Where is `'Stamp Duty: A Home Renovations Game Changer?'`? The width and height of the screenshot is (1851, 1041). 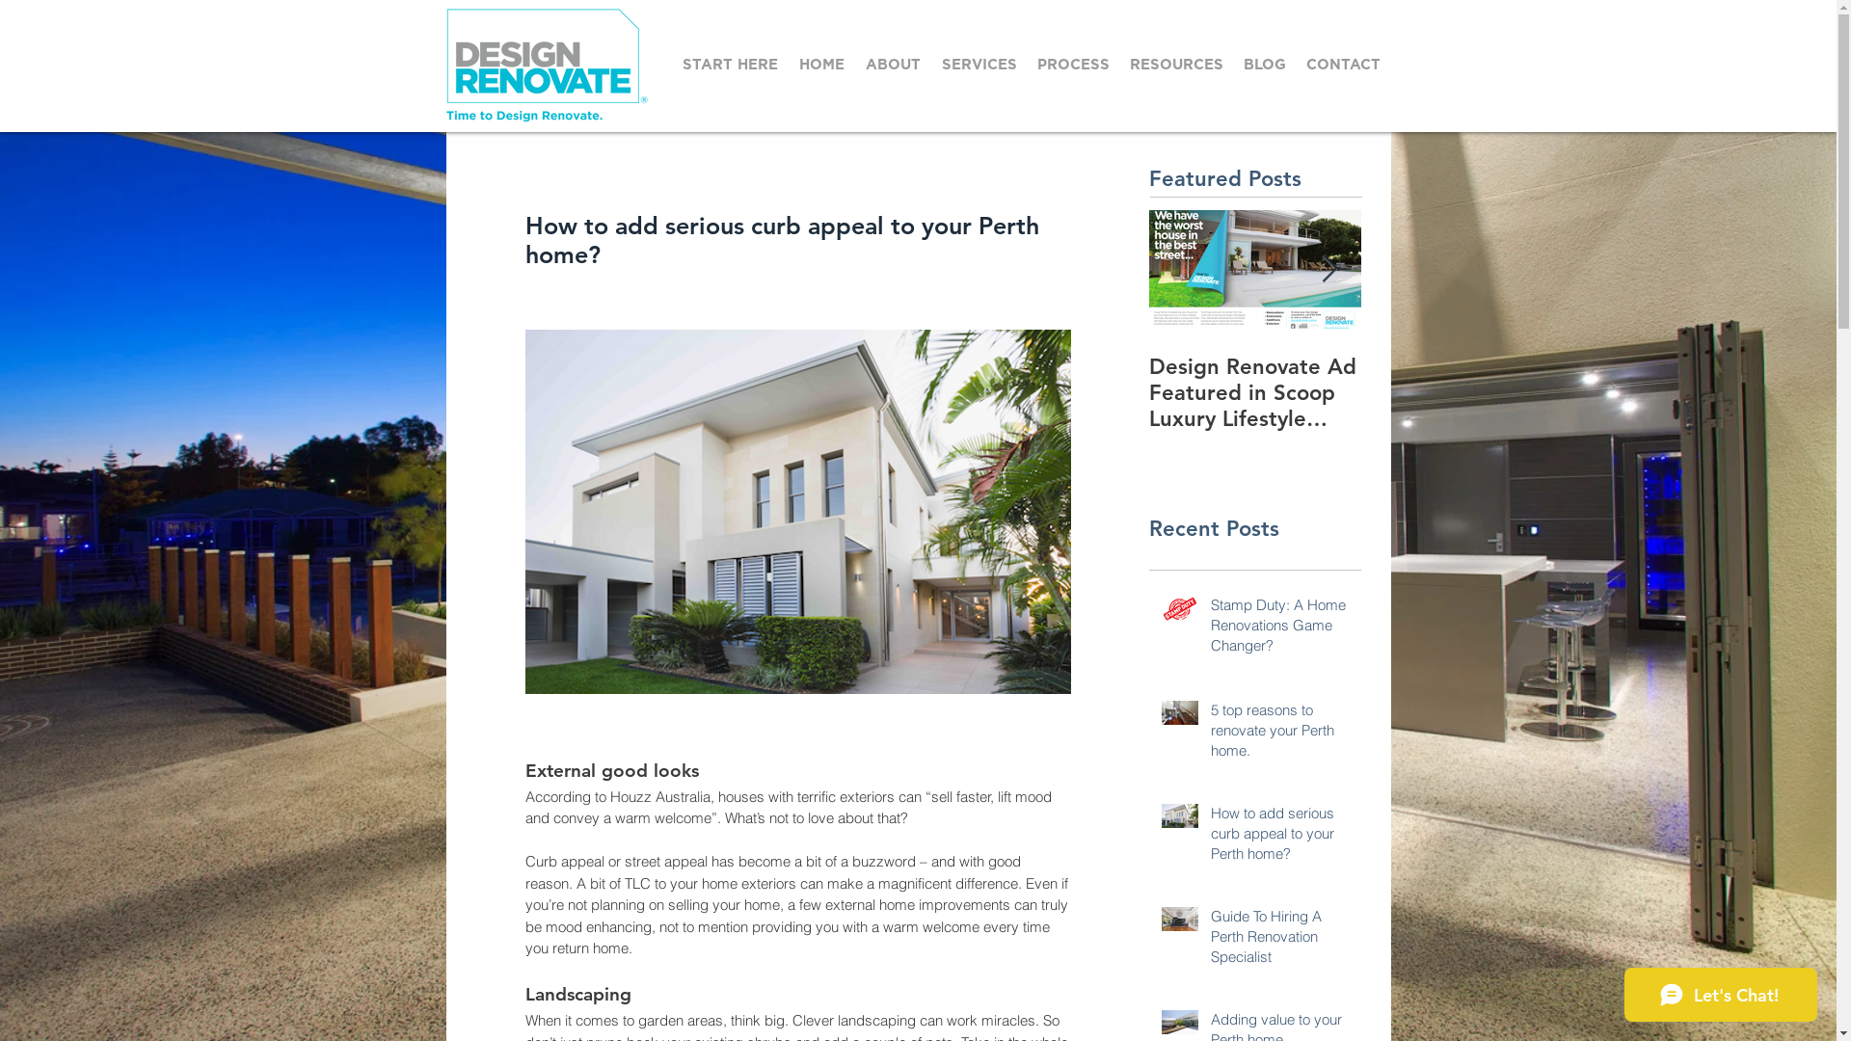 'Stamp Duty: A Home Renovations Game Changer?' is located at coordinates (1280, 628).